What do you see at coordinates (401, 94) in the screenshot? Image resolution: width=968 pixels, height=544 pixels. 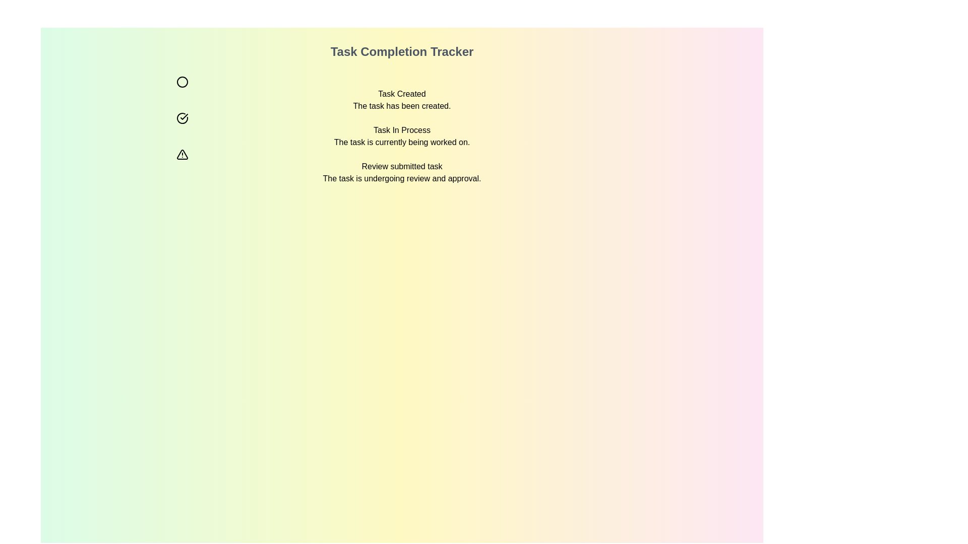 I see `the 'Task Created' text block with the accompanying icon` at bounding box center [401, 94].